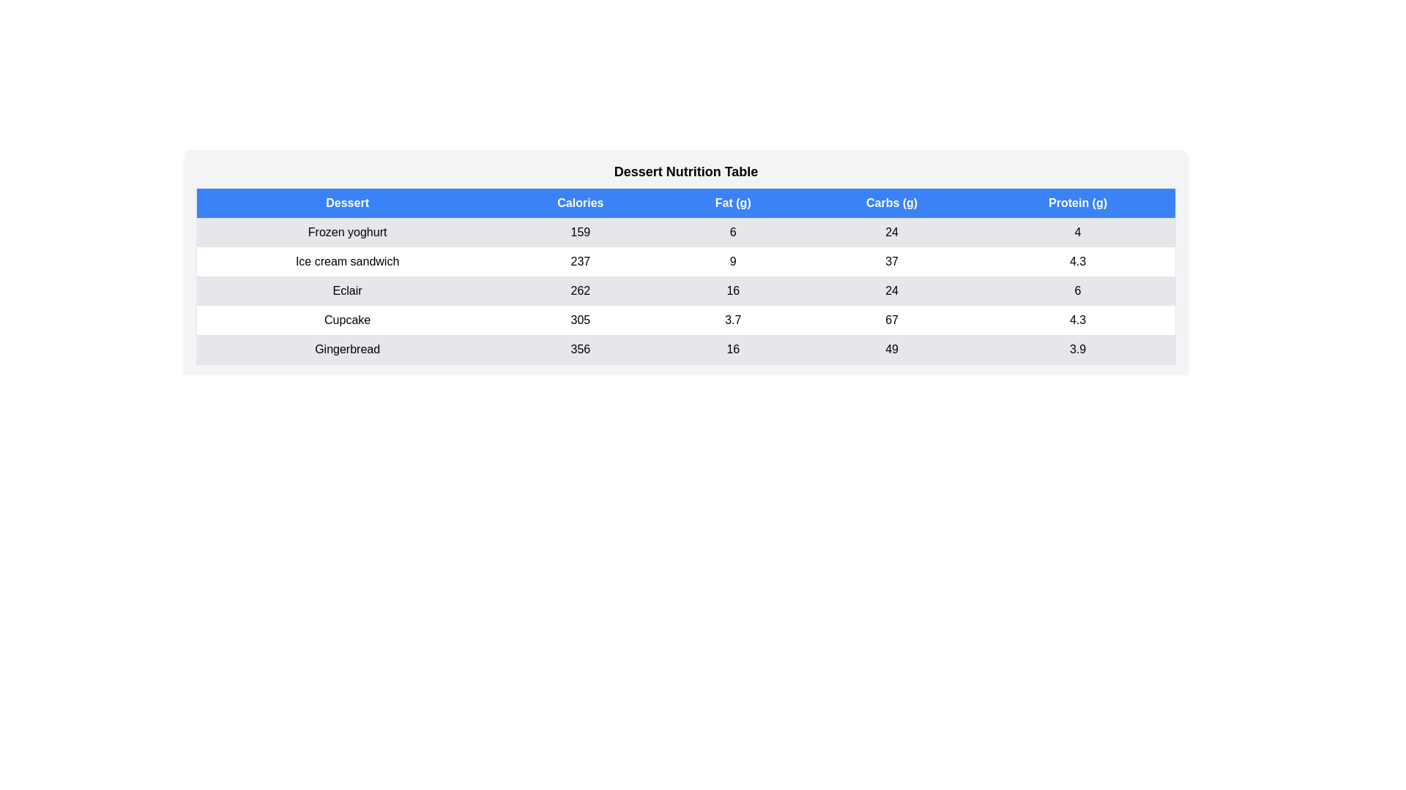  Describe the element at coordinates (685, 261) in the screenshot. I see `the row corresponding to Ice cream sandwich` at that location.